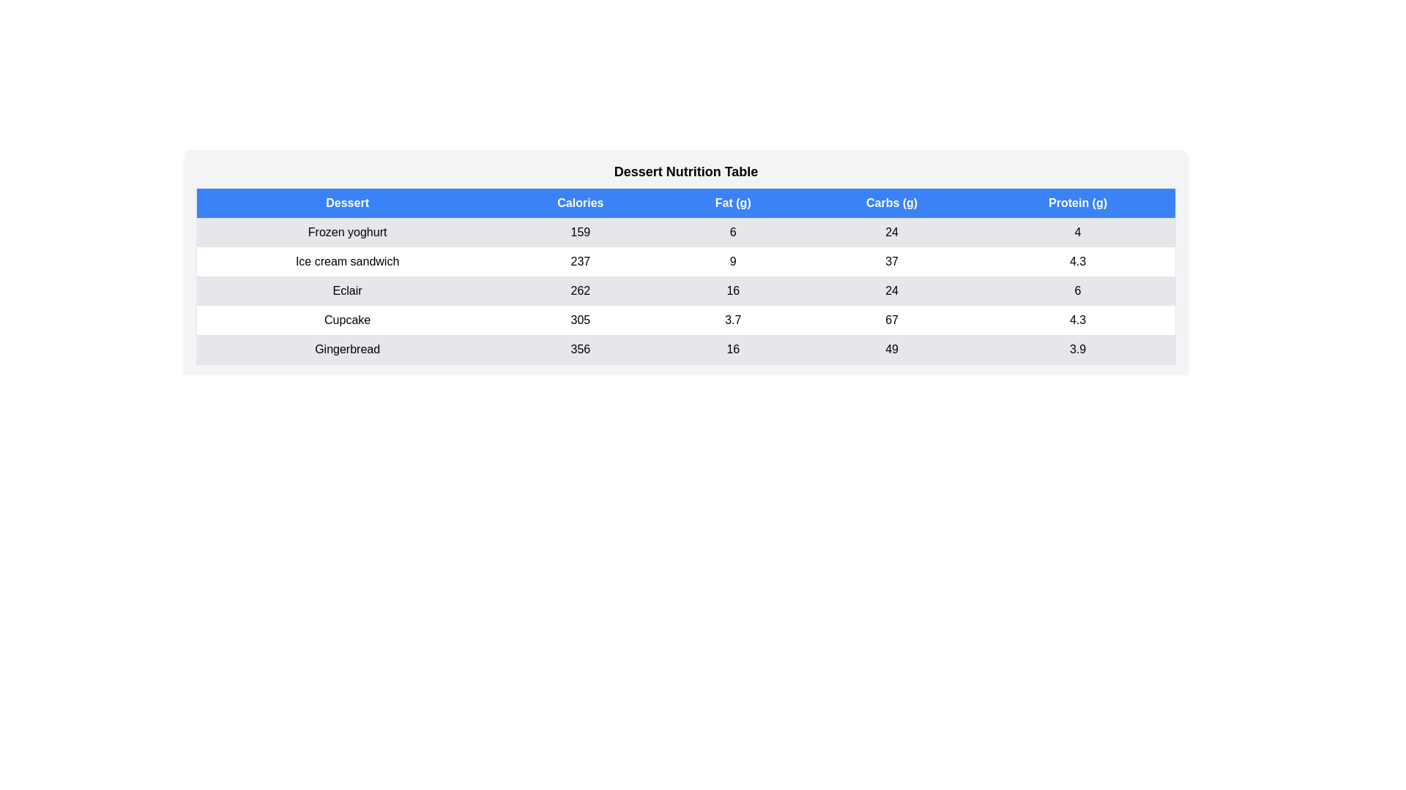  Describe the element at coordinates (685, 261) in the screenshot. I see `the row corresponding to Ice cream sandwich` at that location.